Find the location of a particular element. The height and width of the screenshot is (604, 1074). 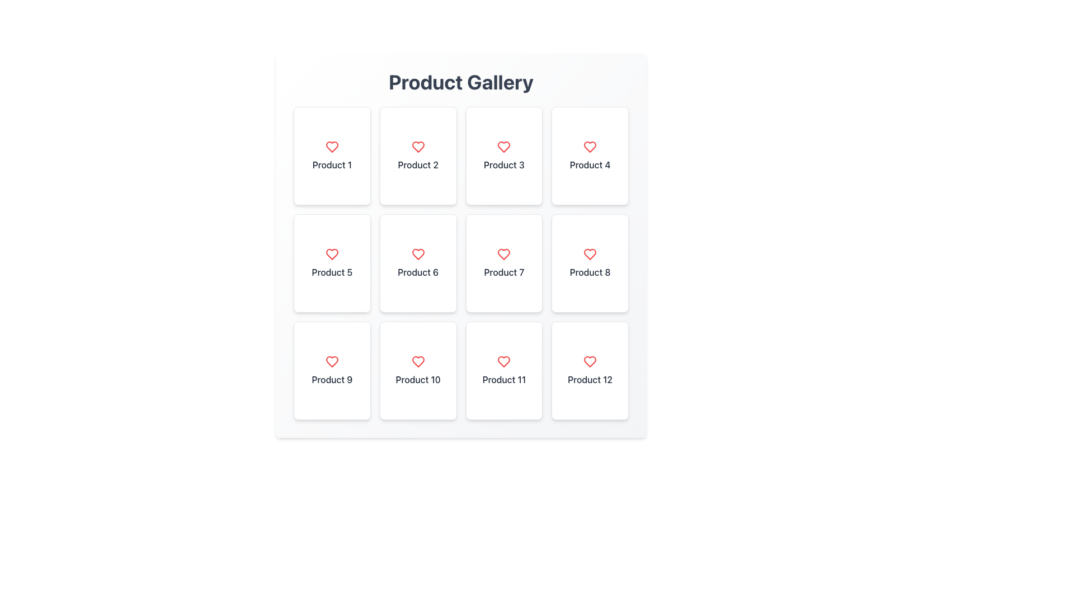

the product title text located at the bottom of the card in the third row, first column of the Product Gallery is located at coordinates (331, 379).